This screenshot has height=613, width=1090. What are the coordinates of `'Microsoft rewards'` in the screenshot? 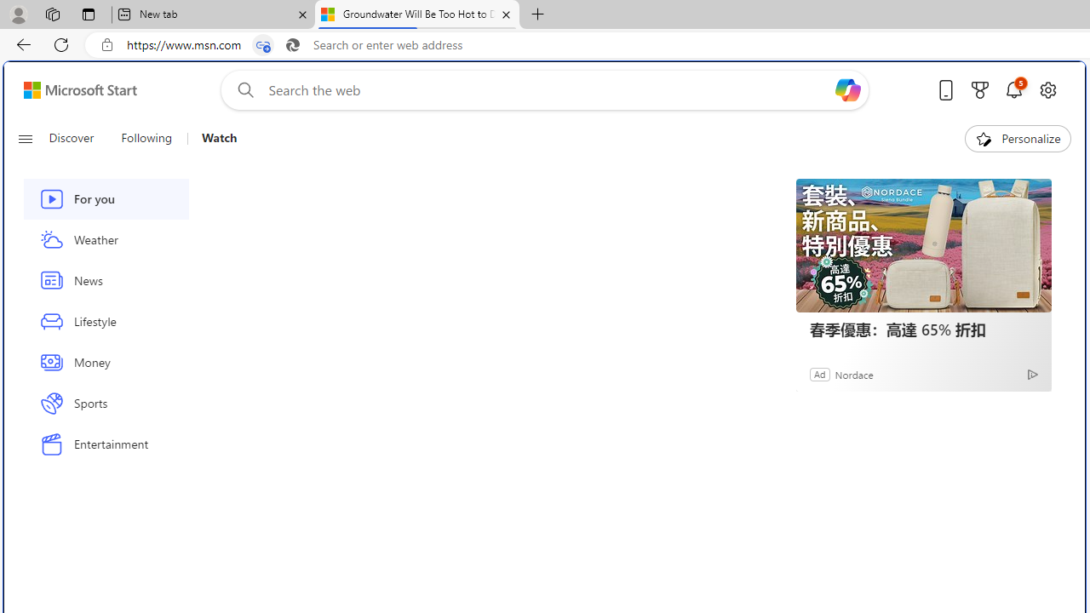 It's located at (980, 89).